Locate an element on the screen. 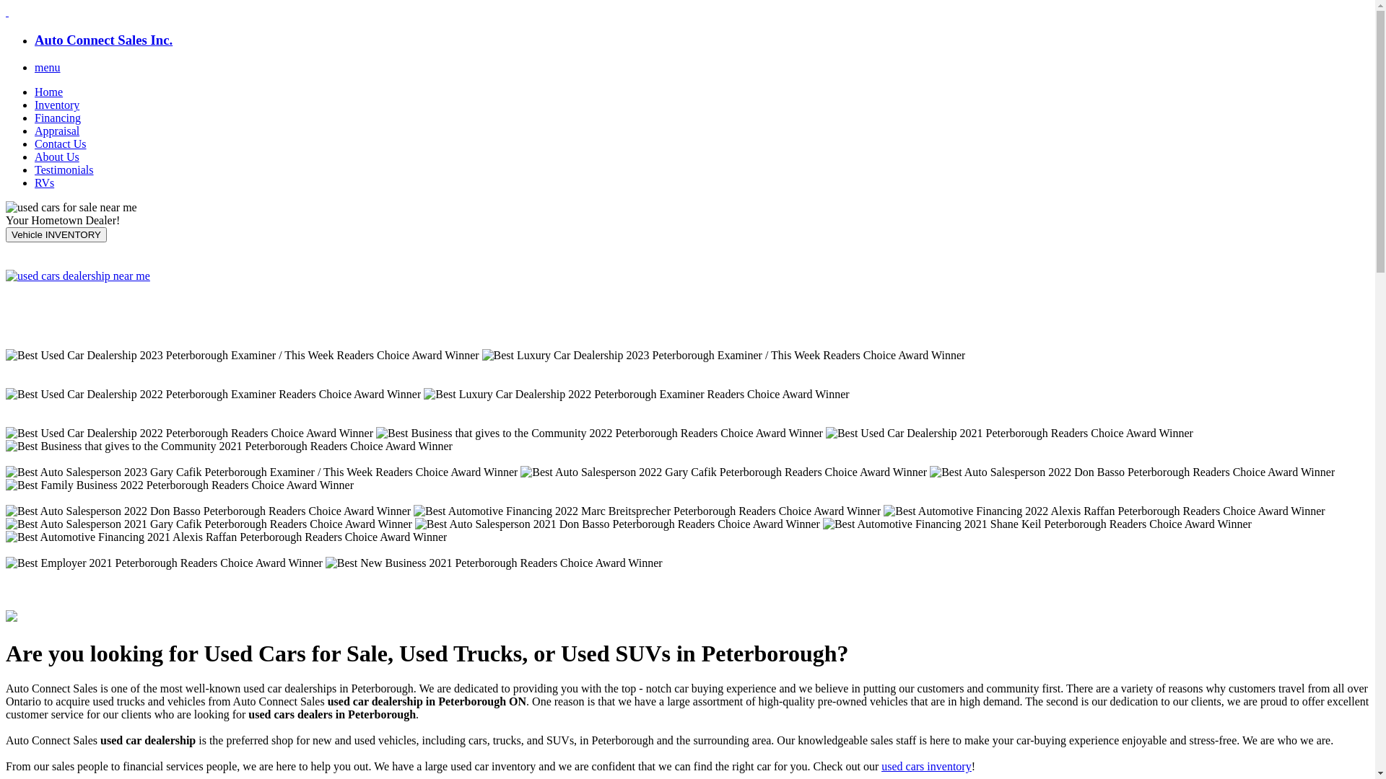  'Appraisal' is located at coordinates (56, 131).